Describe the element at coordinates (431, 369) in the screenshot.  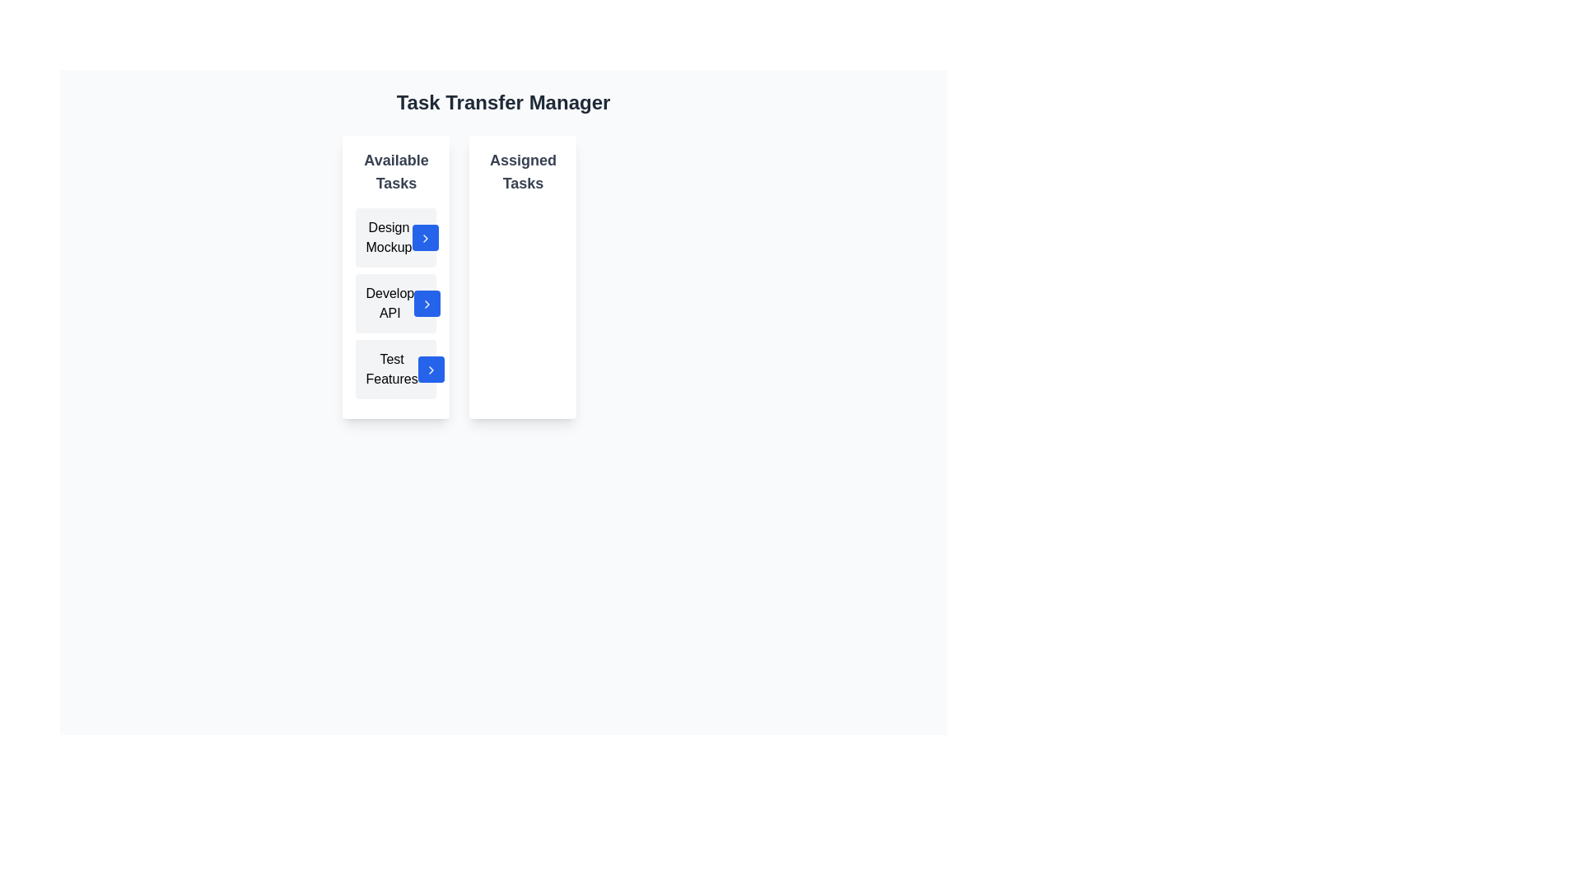
I see `the chevron icon associated with the 'Test Features' button` at that location.